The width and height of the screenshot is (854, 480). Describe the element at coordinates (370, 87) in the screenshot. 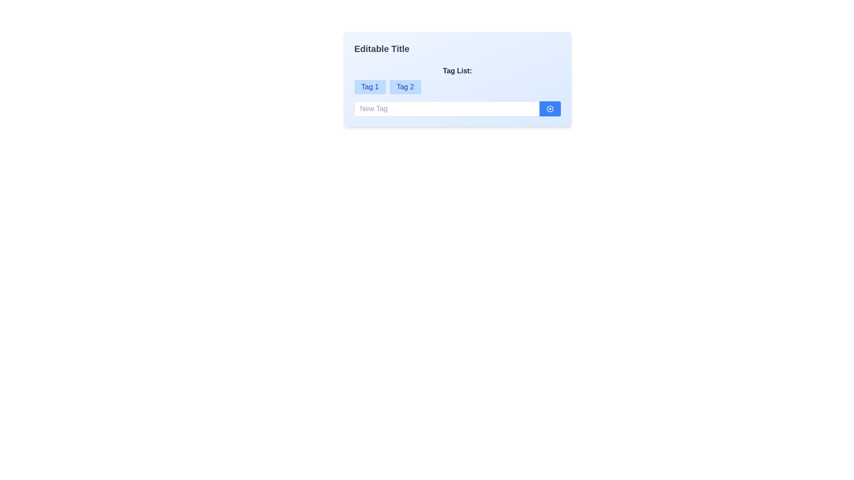

I see `the 'Tag 1' label, which is the first tag in the 'Tag List' section within the 'Editable Title' panel` at that location.